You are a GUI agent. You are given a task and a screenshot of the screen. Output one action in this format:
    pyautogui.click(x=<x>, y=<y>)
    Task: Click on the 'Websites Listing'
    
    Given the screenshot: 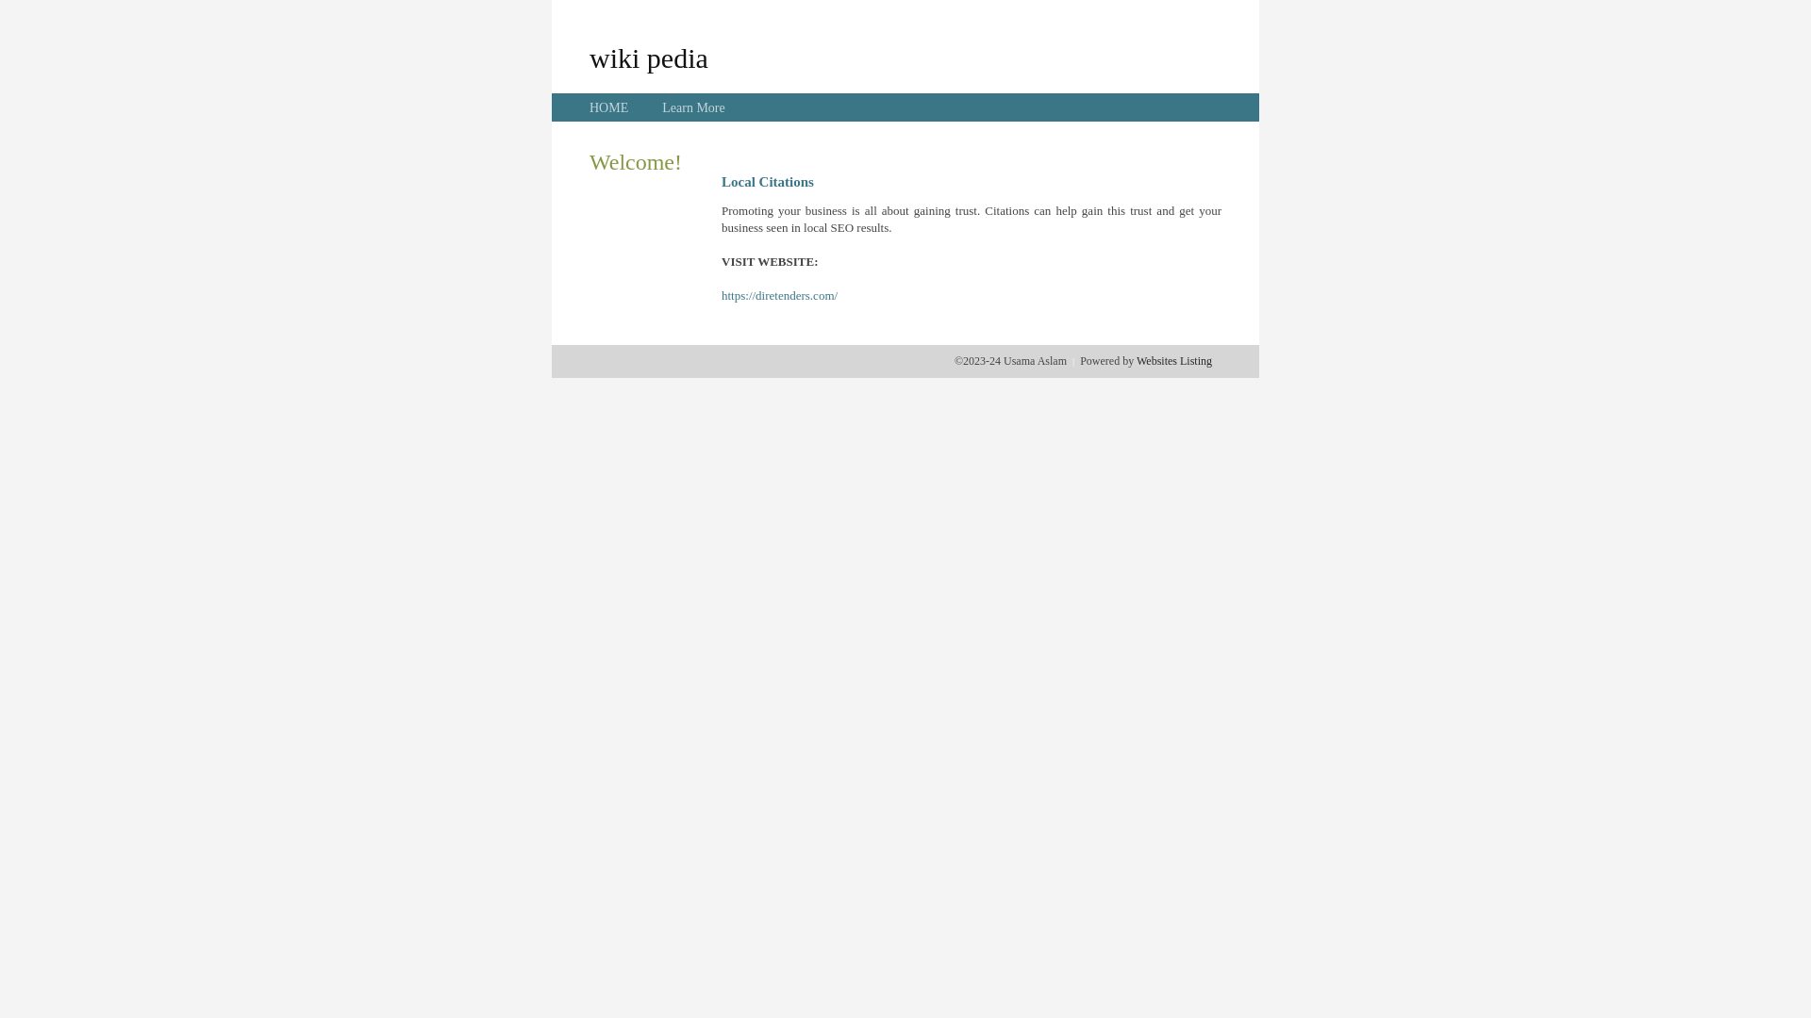 What is the action you would take?
    pyautogui.click(x=1172, y=360)
    